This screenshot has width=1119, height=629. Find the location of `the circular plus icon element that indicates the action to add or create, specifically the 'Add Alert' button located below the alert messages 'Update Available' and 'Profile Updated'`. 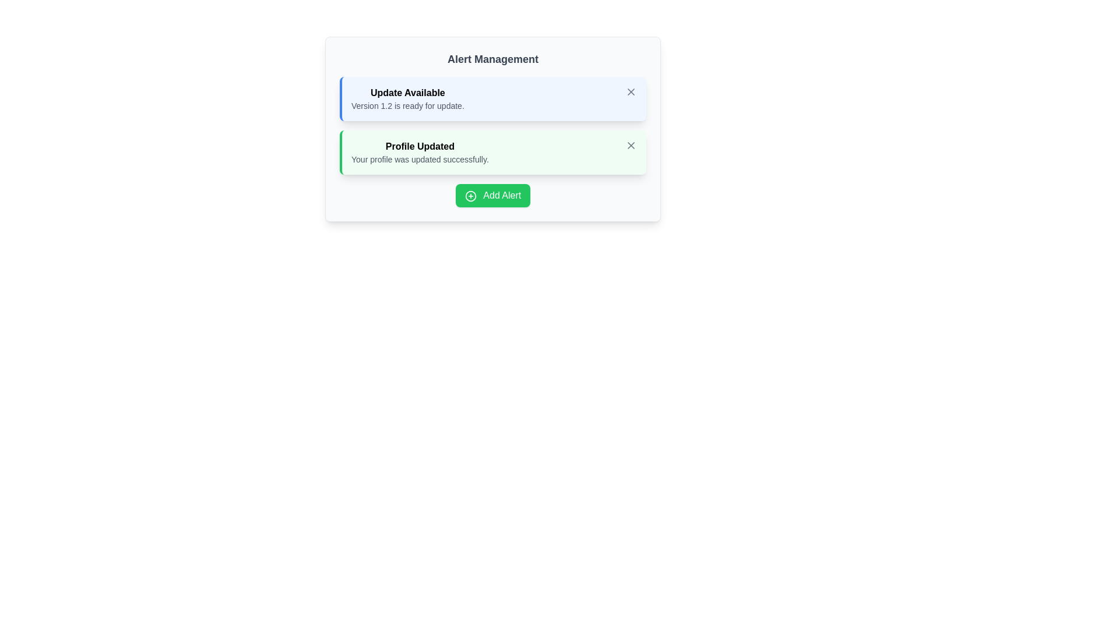

the circular plus icon element that indicates the action to add or create, specifically the 'Add Alert' button located below the alert messages 'Update Available' and 'Profile Updated' is located at coordinates (470, 195).